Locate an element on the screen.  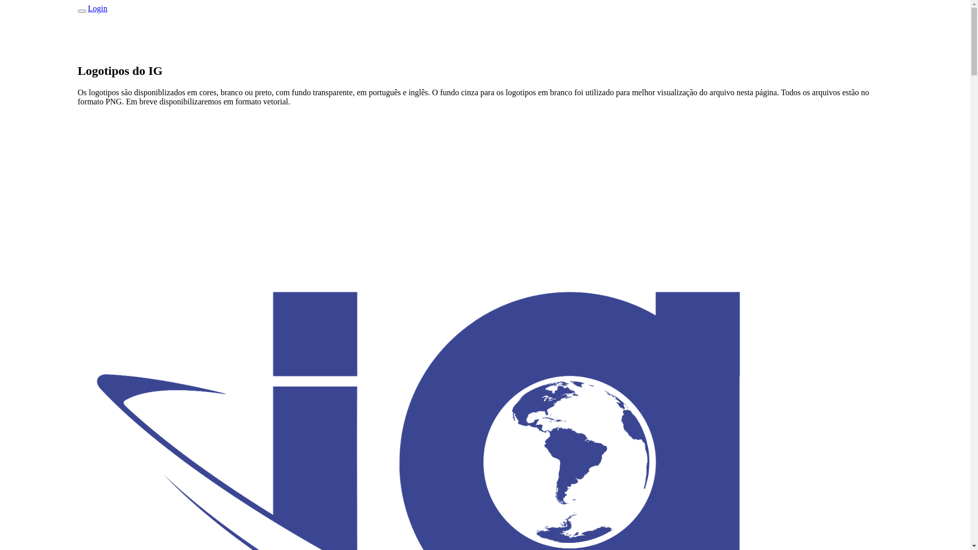
'Login' is located at coordinates (97, 8).